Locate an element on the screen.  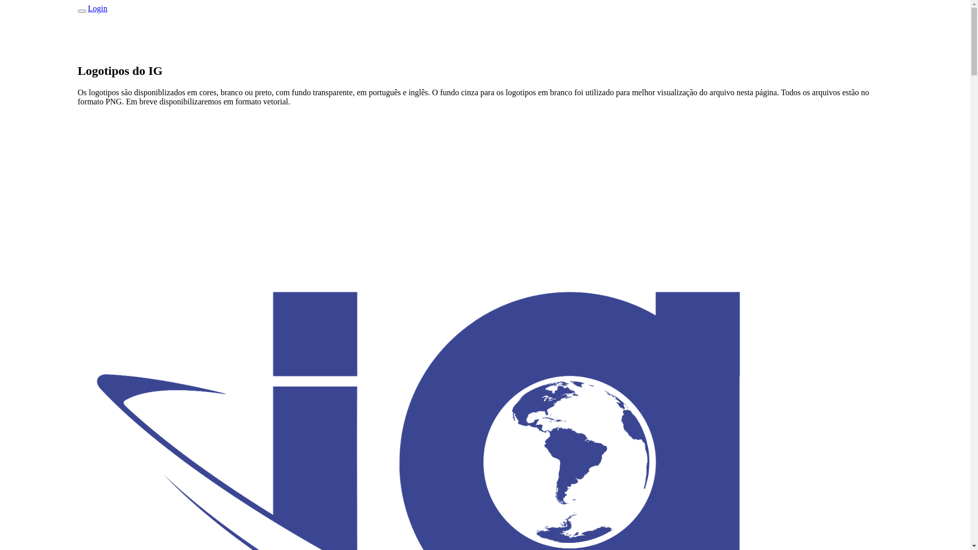
'Login' is located at coordinates (97, 8).